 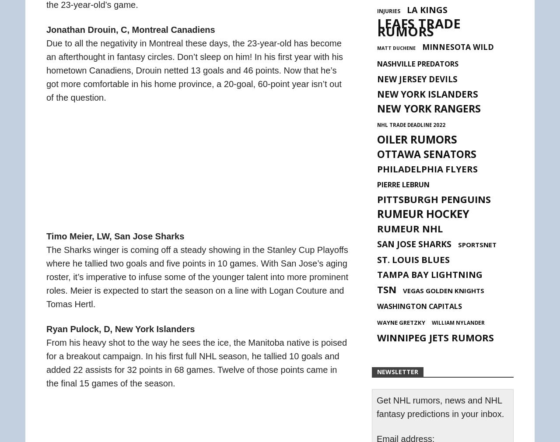 What do you see at coordinates (196, 276) in the screenshot?
I see `'The Sharks winger is coming off a steady showing in the Stanley Cup Playoffs where he tallied two goals and five points in 10 games. With San Jose’s aging roster, it’s imperative to infuse some of the younger talent into more prominent roles. Meier is expected to start the season on a line with Logan Couture and Tomas Hertl.'` at bounding box center [196, 276].